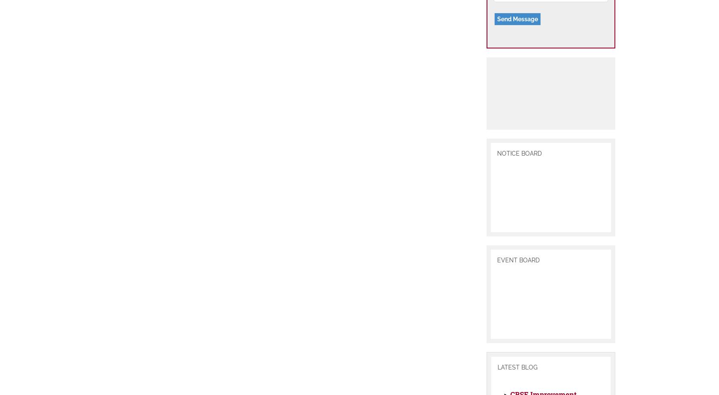 The height and width of the screenshot is (395, 719). What do you see at coordinates (543, 358) in the screenshot?
I see `'All About CBSE Improvement Exam 2021 Class 12th'` at bounding box center [543, 358].